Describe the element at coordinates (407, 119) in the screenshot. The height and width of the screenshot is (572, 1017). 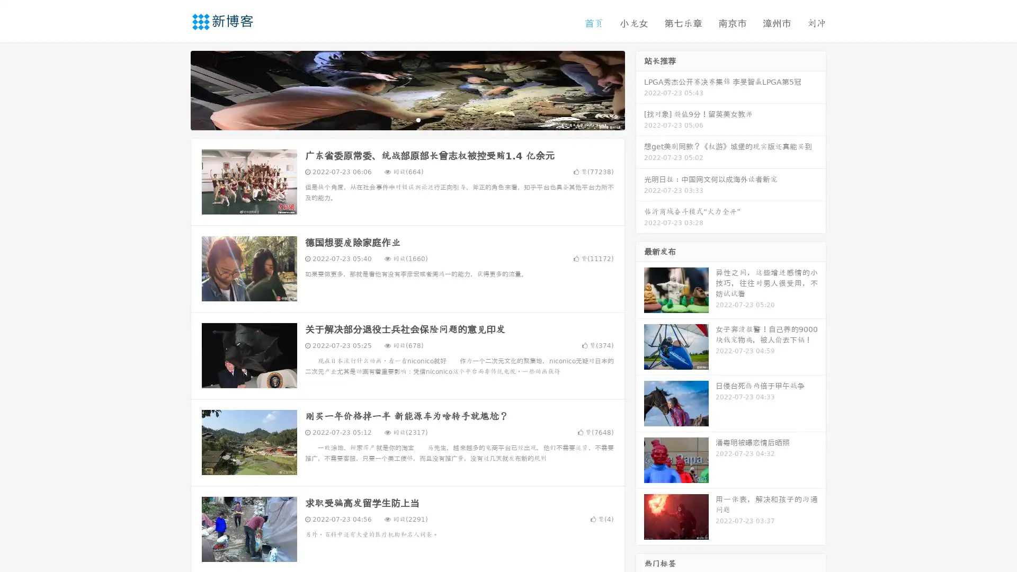
I see `Go to slide 2` at that location.